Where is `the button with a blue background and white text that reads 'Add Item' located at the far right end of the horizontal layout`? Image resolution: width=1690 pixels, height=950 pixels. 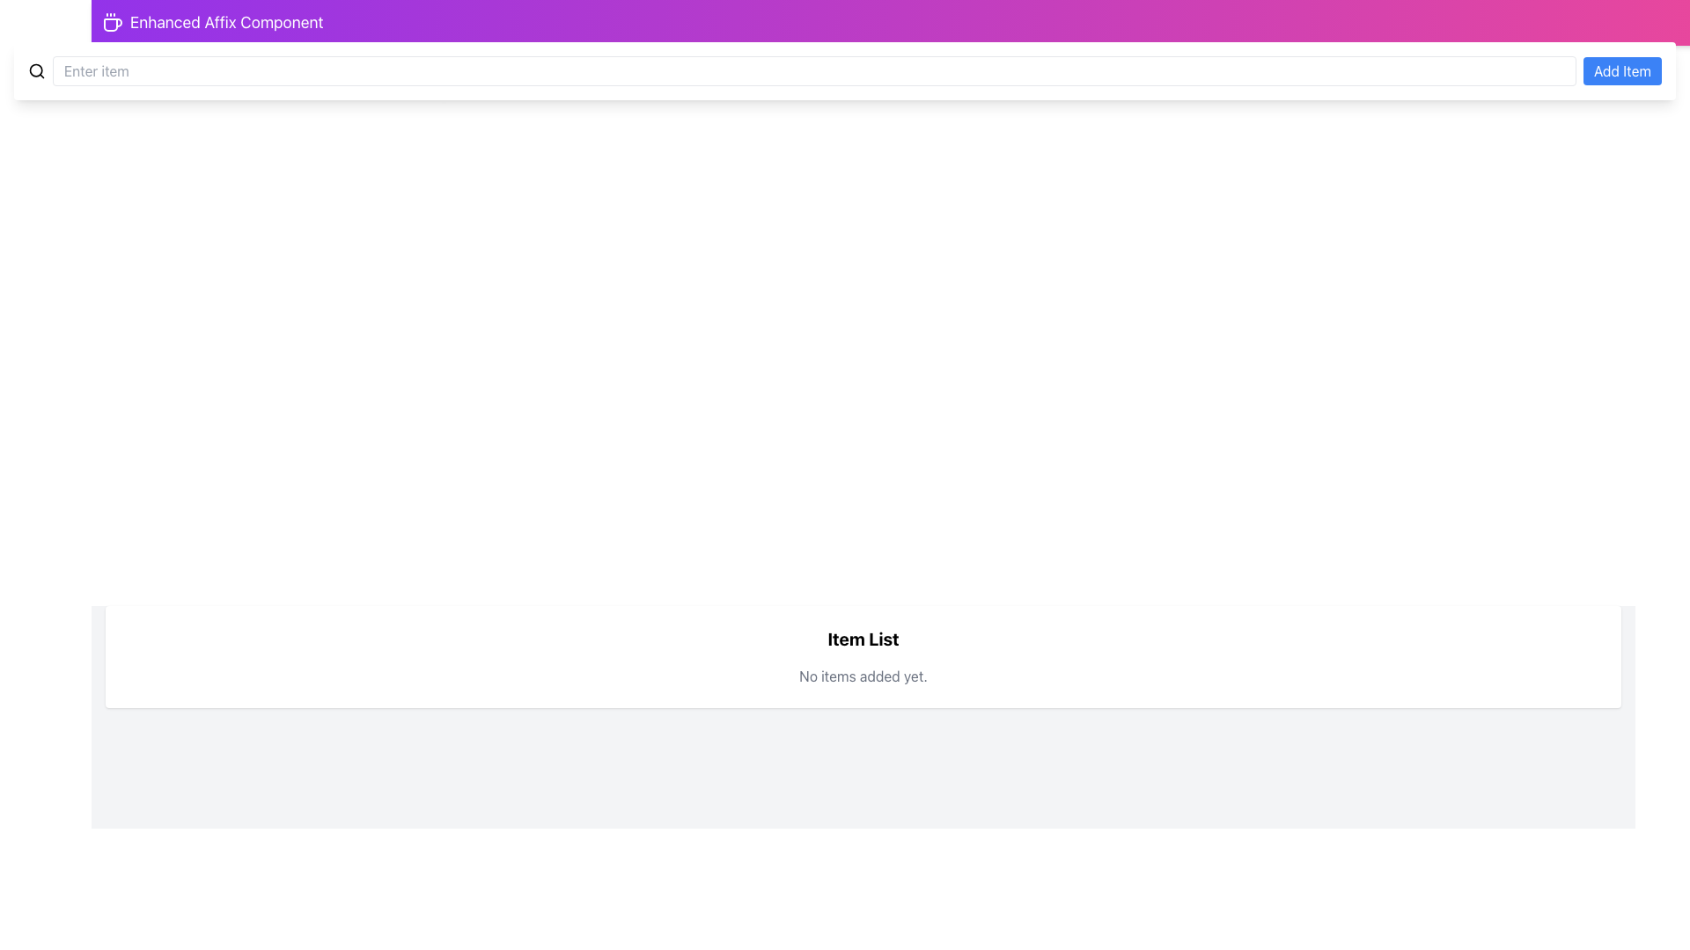
the button with a blue background and white text that reads 'Add Item' located at the far right end of the horizontal layout is located at coordinates (1621, 70).